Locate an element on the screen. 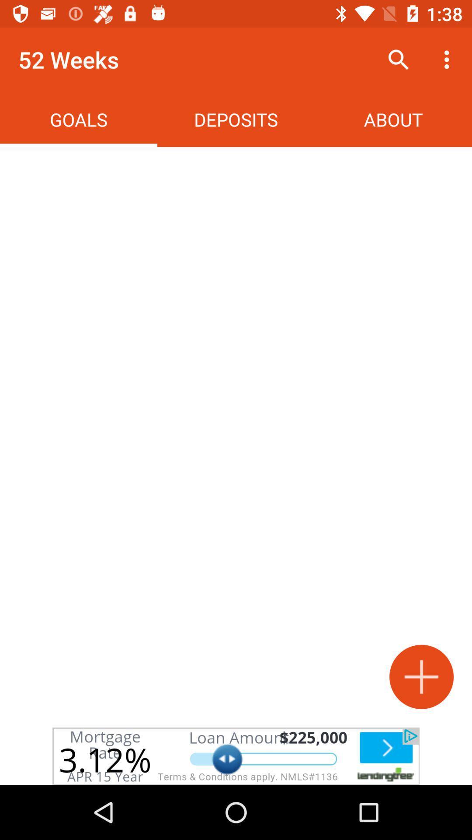  more options is located at coordinates (421, 676).